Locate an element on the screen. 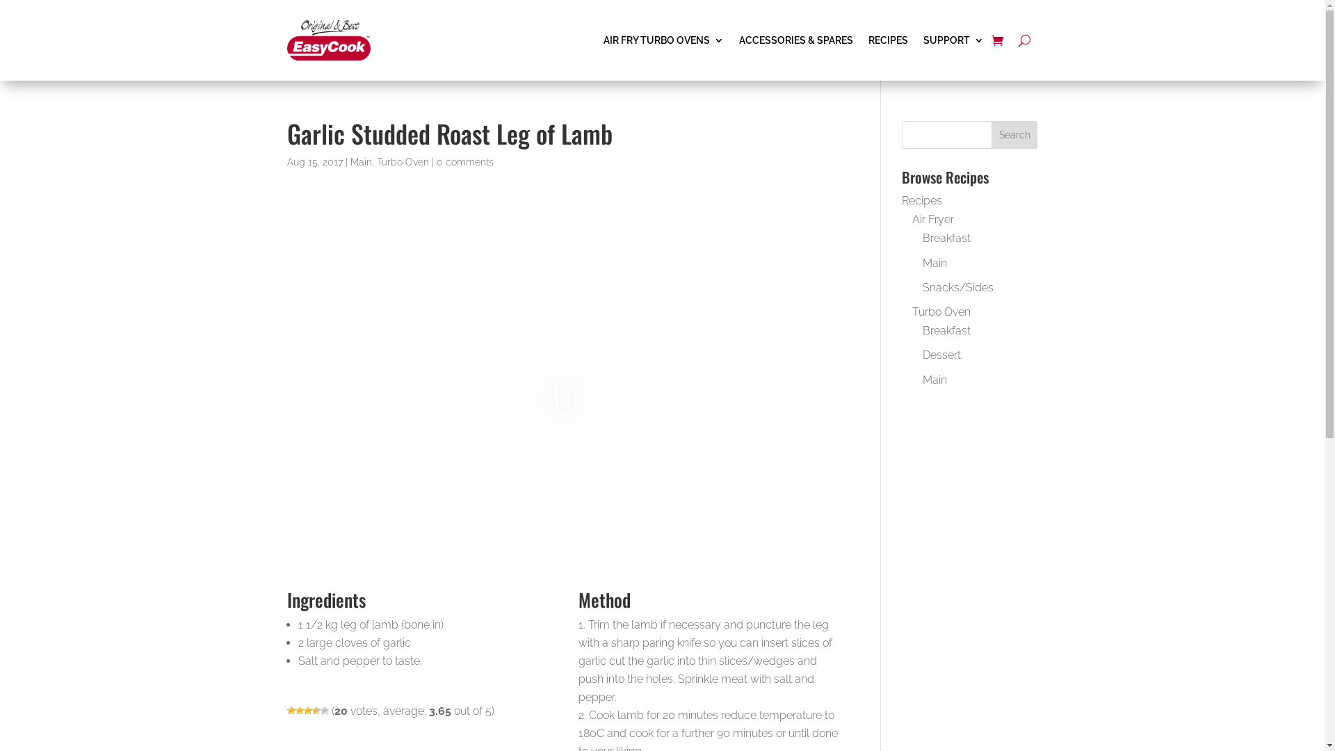  '4 Stars' is located at coordinates (315, 711).